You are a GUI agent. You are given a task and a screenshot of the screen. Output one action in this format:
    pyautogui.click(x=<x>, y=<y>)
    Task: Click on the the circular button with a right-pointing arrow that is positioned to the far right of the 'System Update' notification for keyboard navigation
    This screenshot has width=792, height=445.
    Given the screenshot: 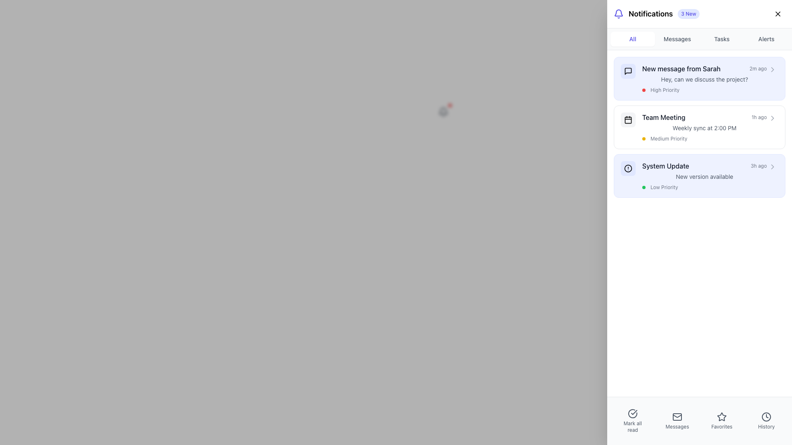 What is the action you would take?
    pyautogui.click(x=772, y=167)
    